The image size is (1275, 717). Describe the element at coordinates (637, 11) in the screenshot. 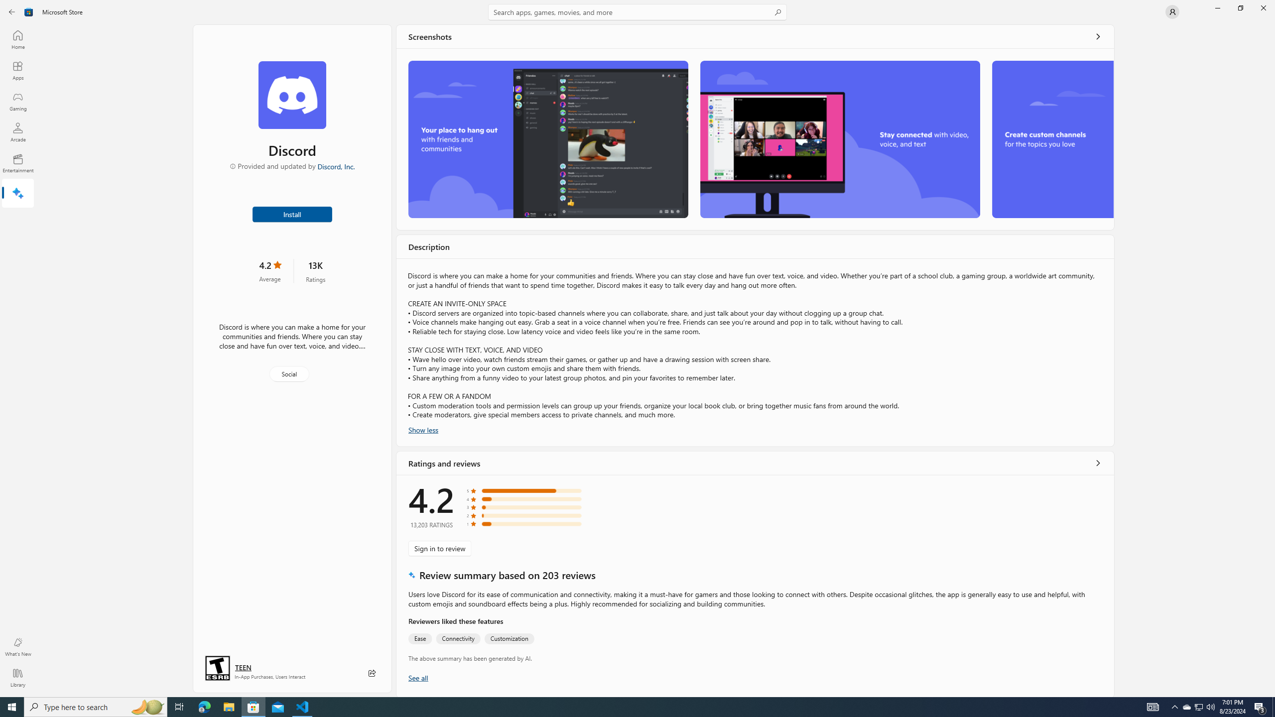

I see `'Search'` at that location.